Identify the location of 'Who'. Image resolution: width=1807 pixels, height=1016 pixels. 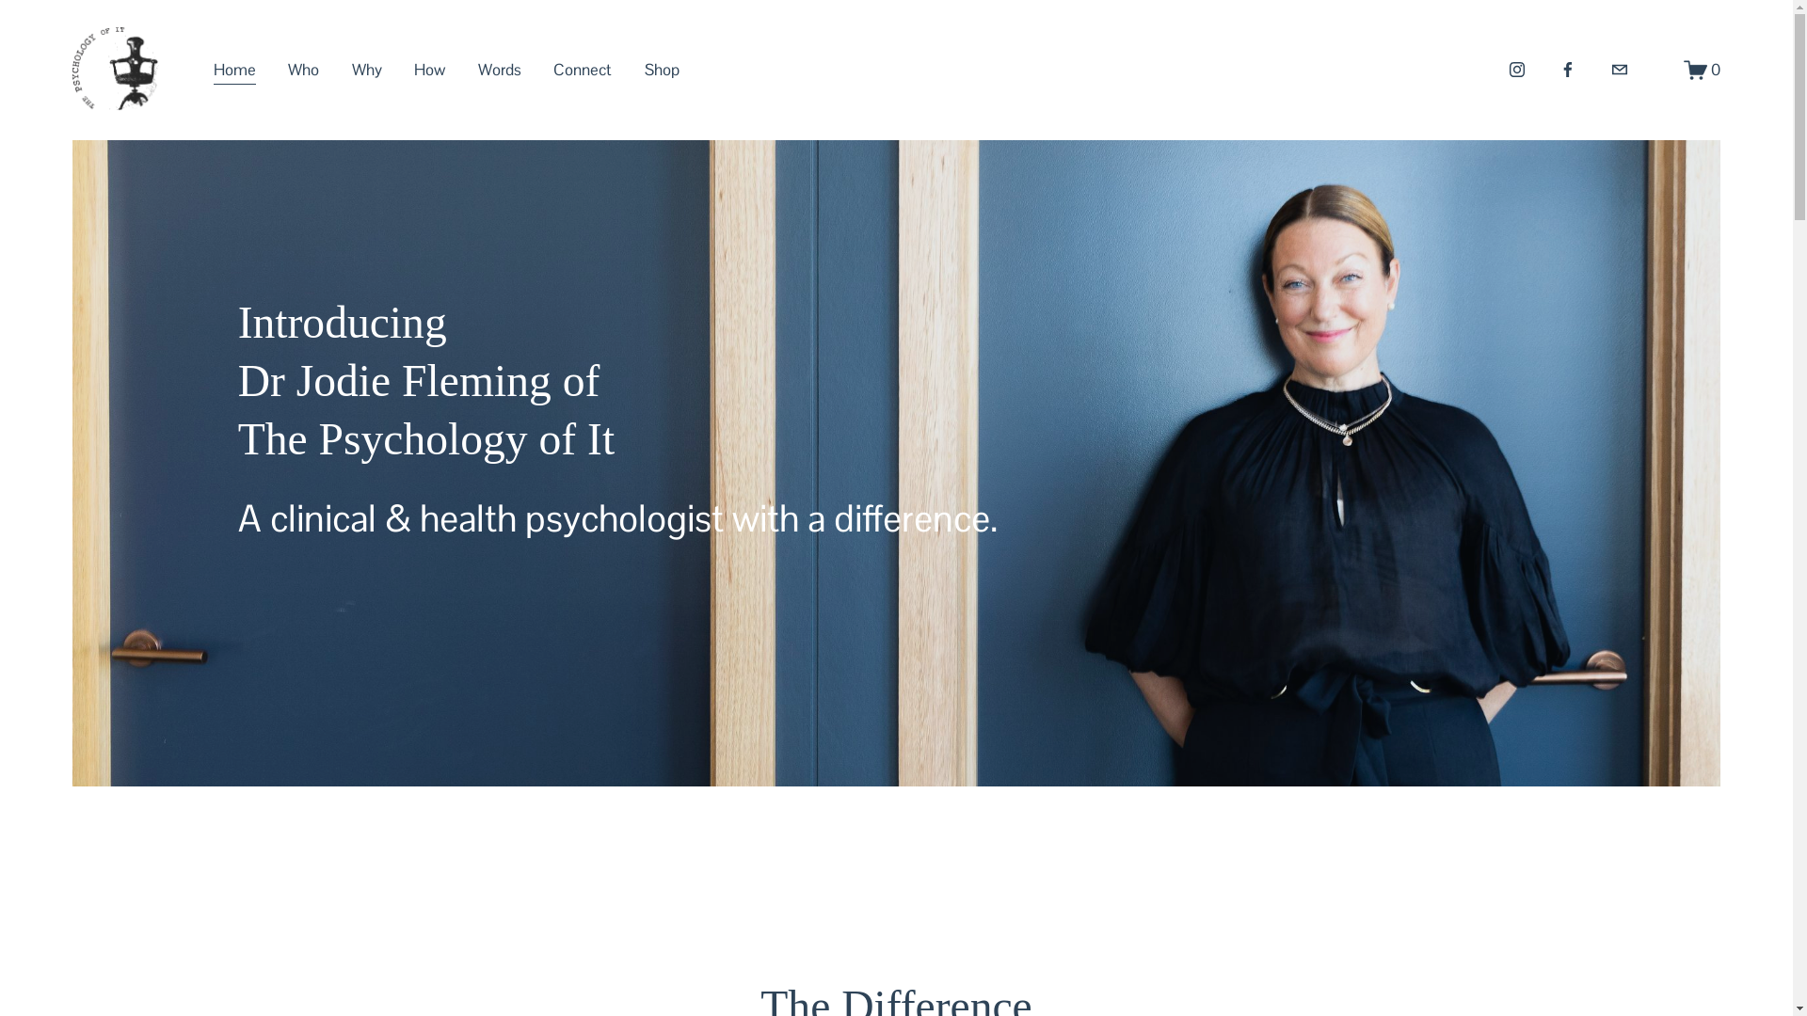
(303, 68).